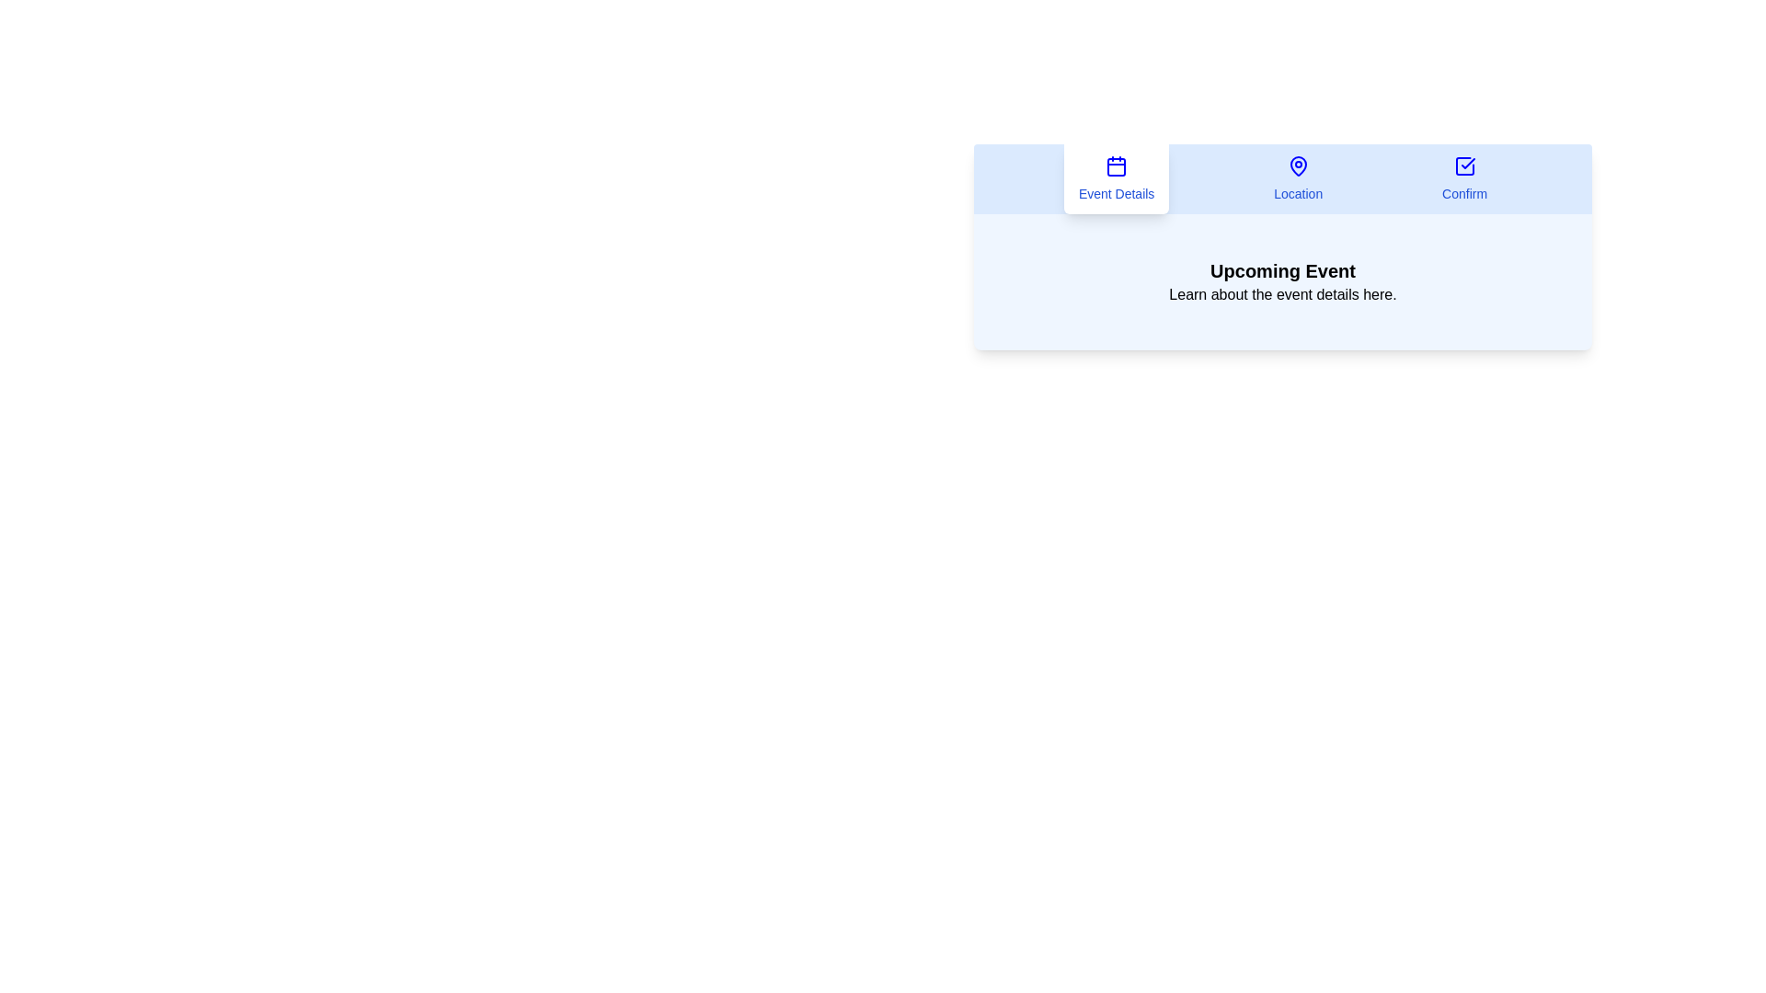 This screenshot has width=1766, height=993. What do you see at coordinates (1297, 179) in the screenshot?
I see `the Location tab` at bounding box center [1297, 179].